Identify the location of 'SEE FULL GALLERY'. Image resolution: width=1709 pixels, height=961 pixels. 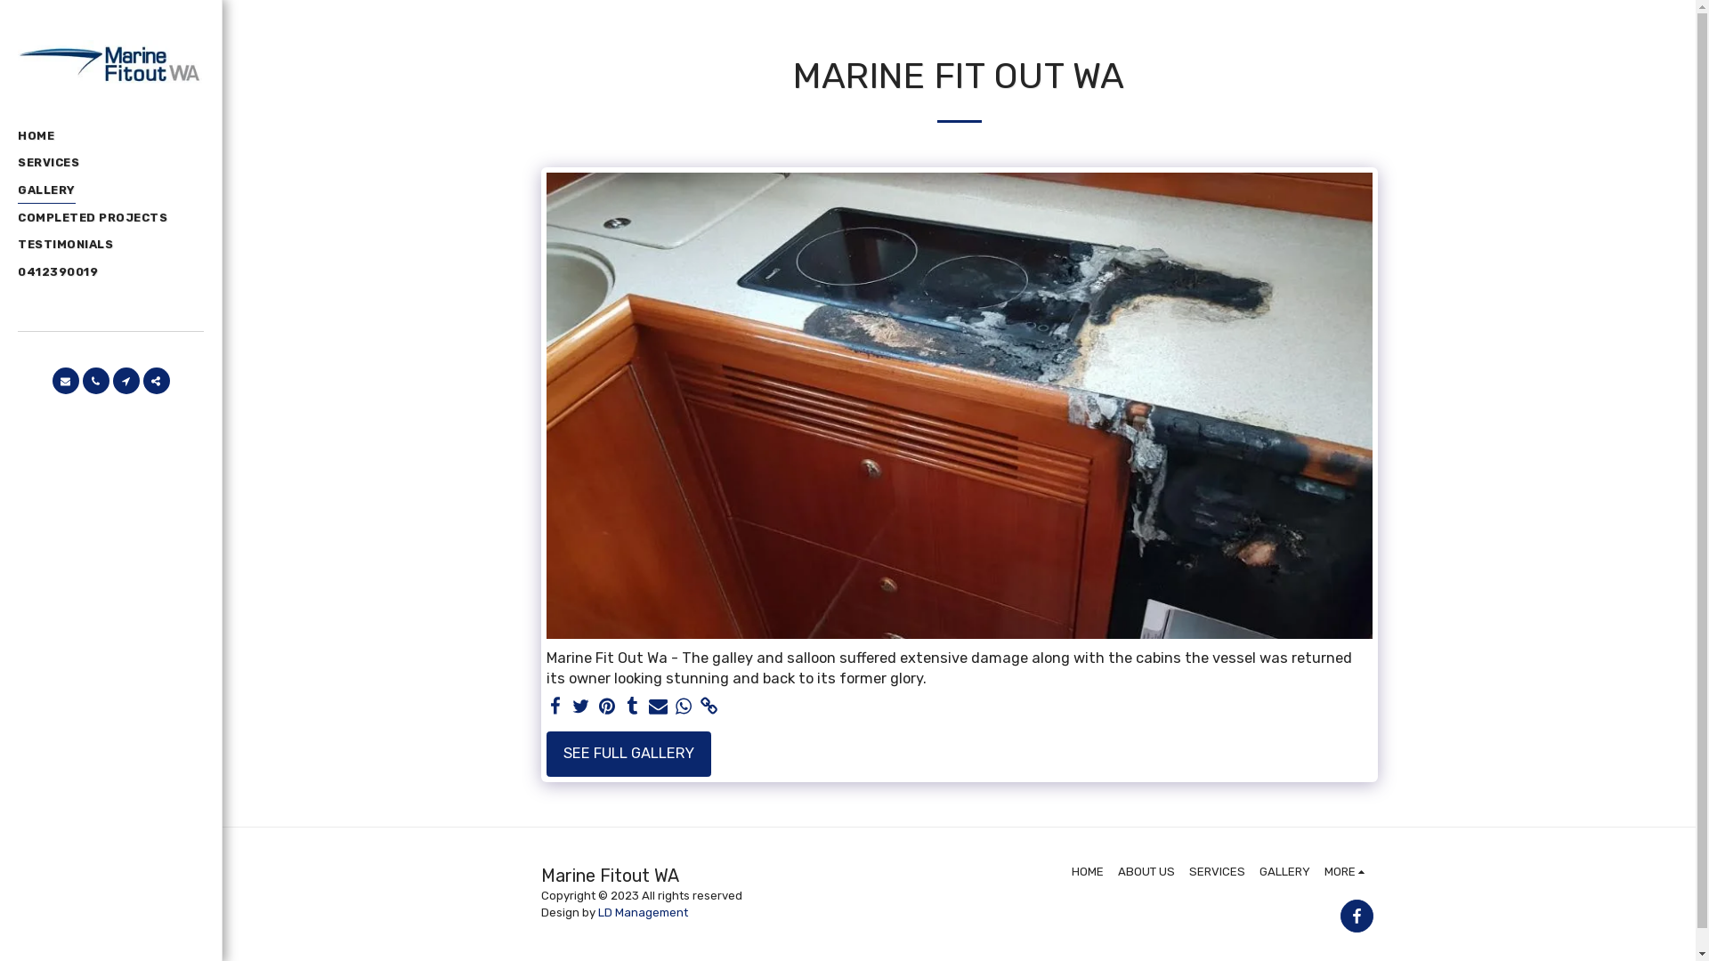
(628, 755).